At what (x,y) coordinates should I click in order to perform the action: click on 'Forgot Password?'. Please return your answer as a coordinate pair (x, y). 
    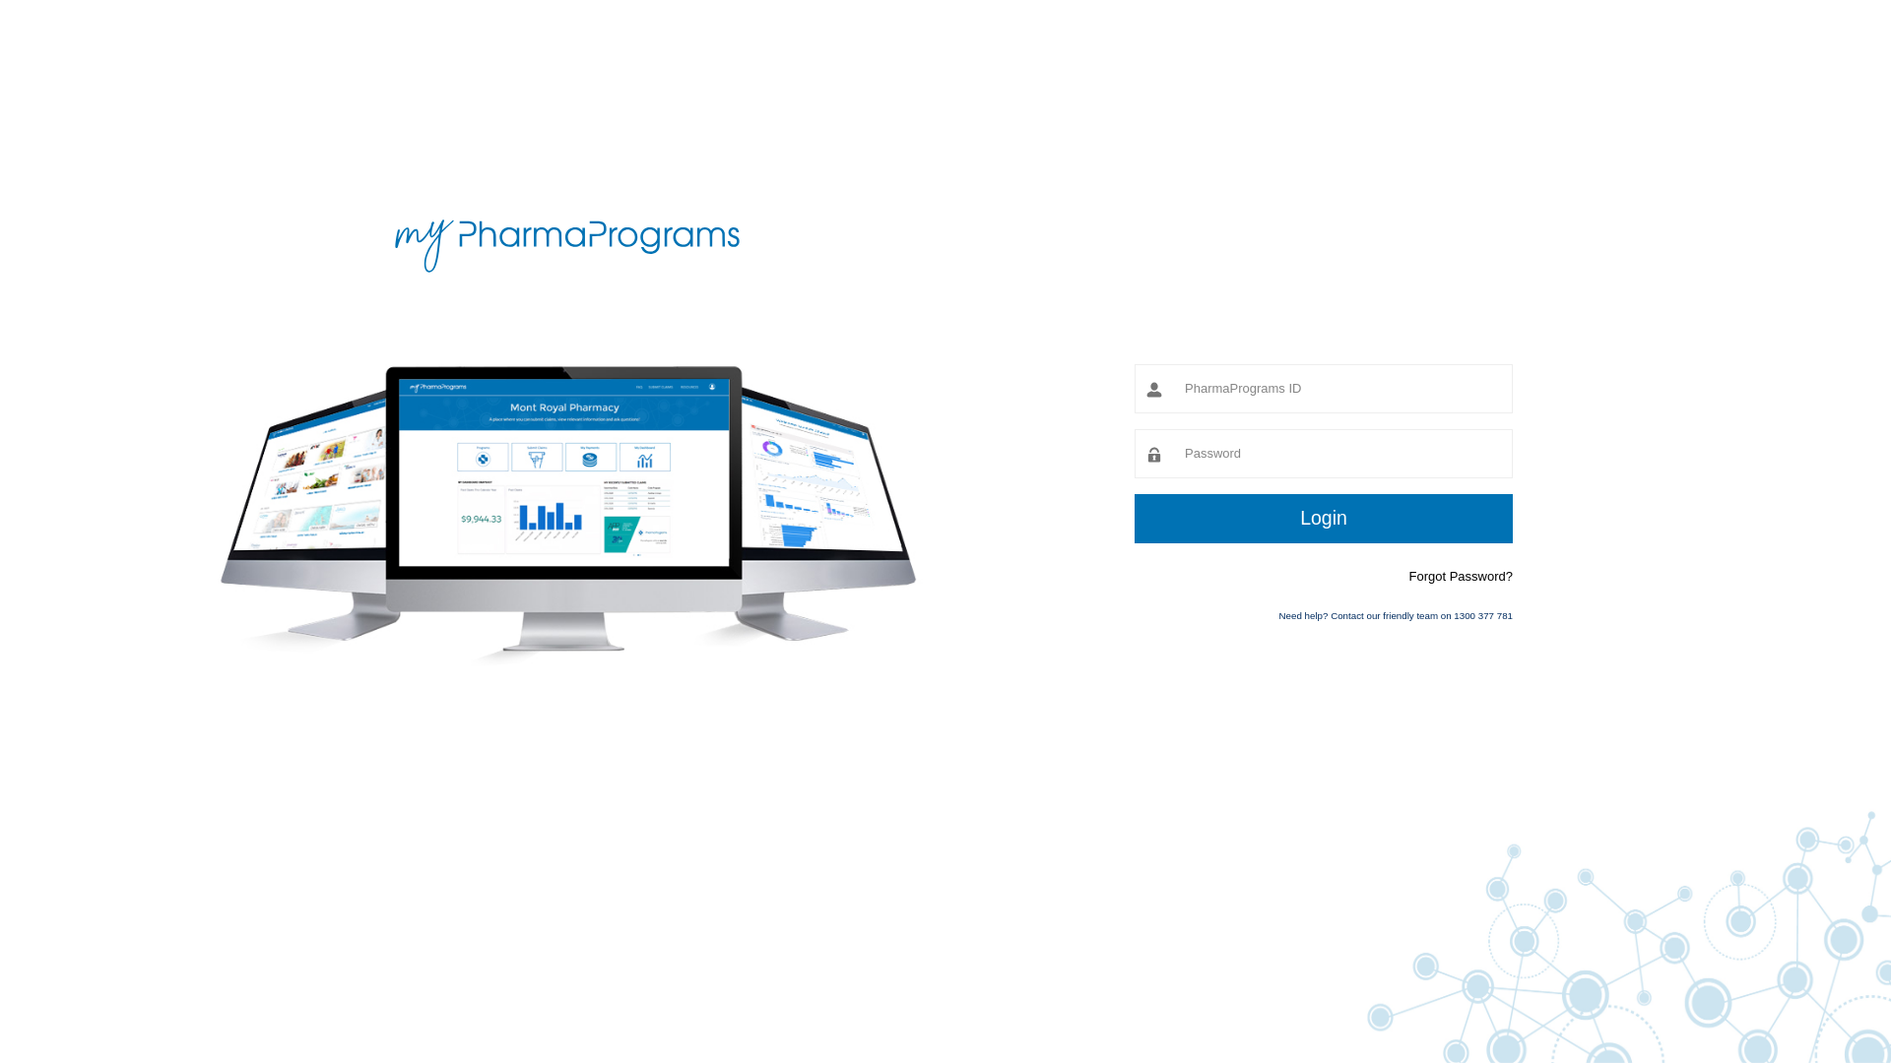
    Looking at the image, I should click on (1461, 576).